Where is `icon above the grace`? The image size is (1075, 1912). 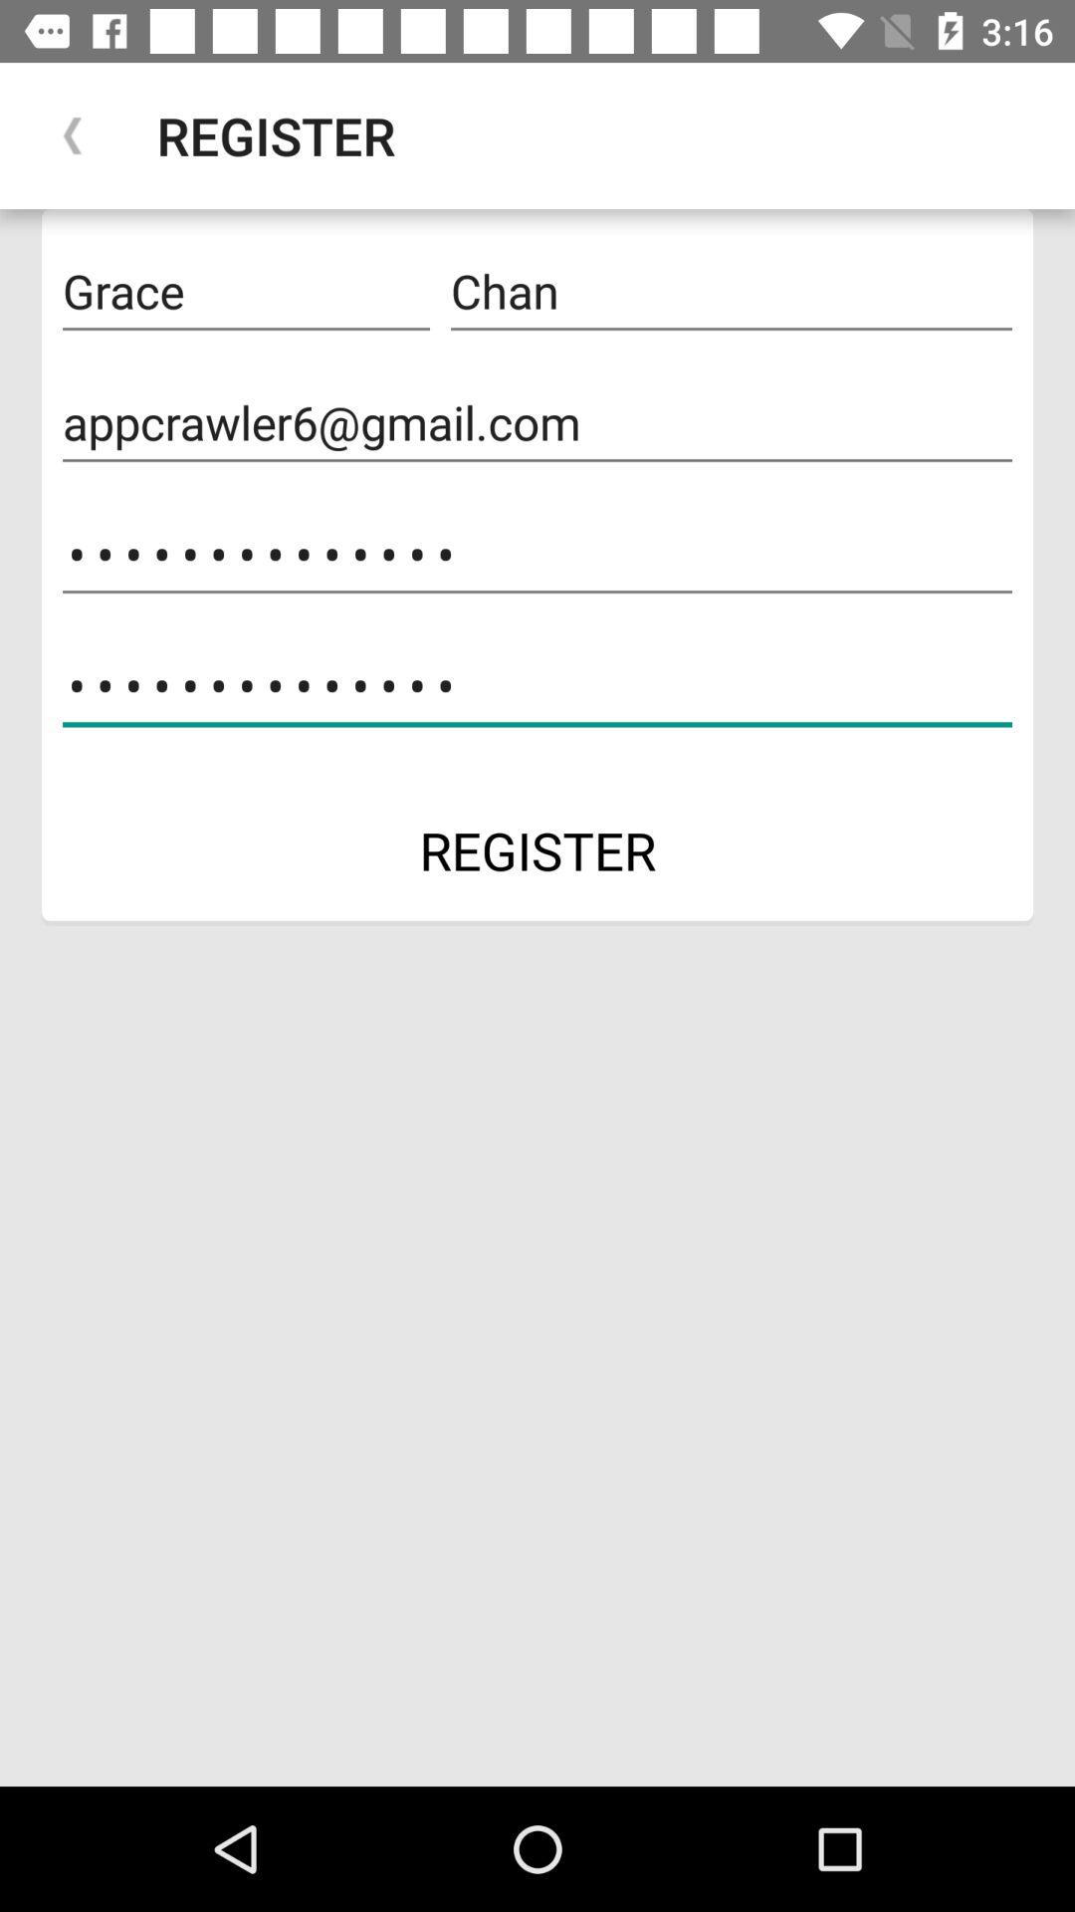
icon above the grace is located at coordinates (72, 134).